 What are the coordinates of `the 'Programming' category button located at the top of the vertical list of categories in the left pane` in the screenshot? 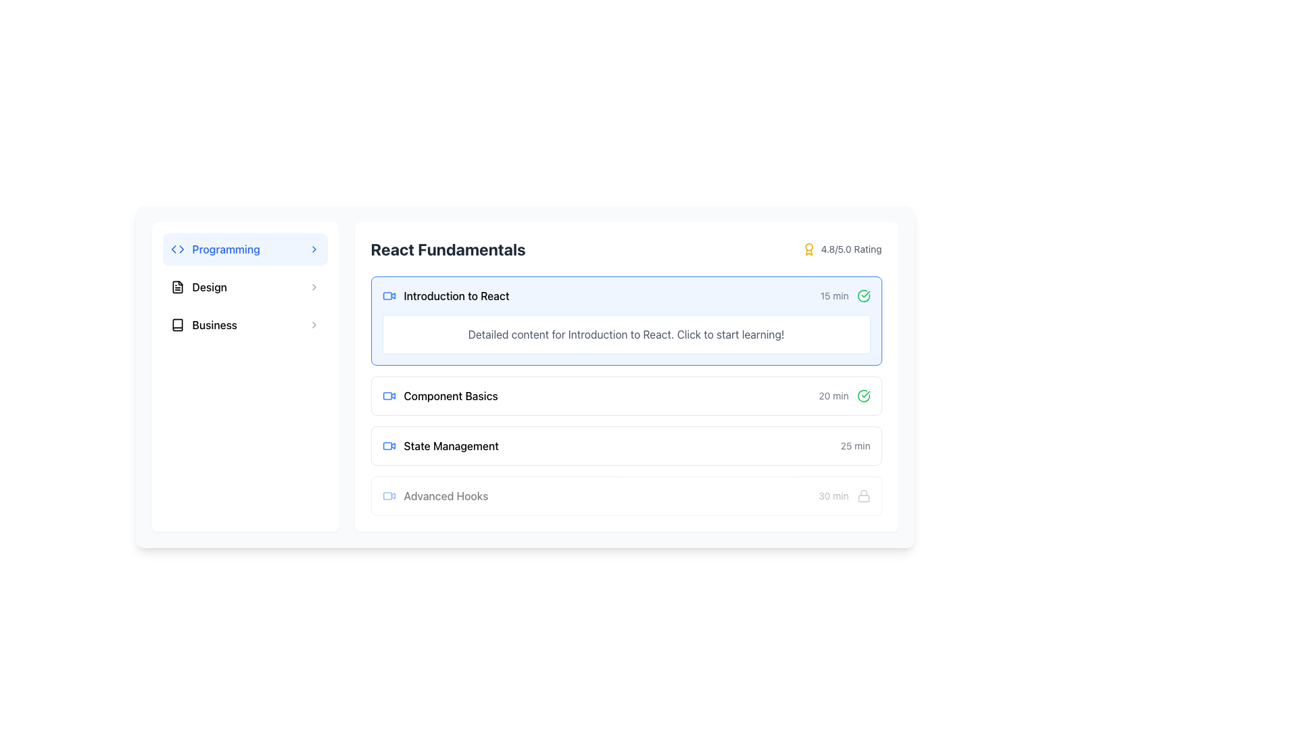 It's located at (245, 249).